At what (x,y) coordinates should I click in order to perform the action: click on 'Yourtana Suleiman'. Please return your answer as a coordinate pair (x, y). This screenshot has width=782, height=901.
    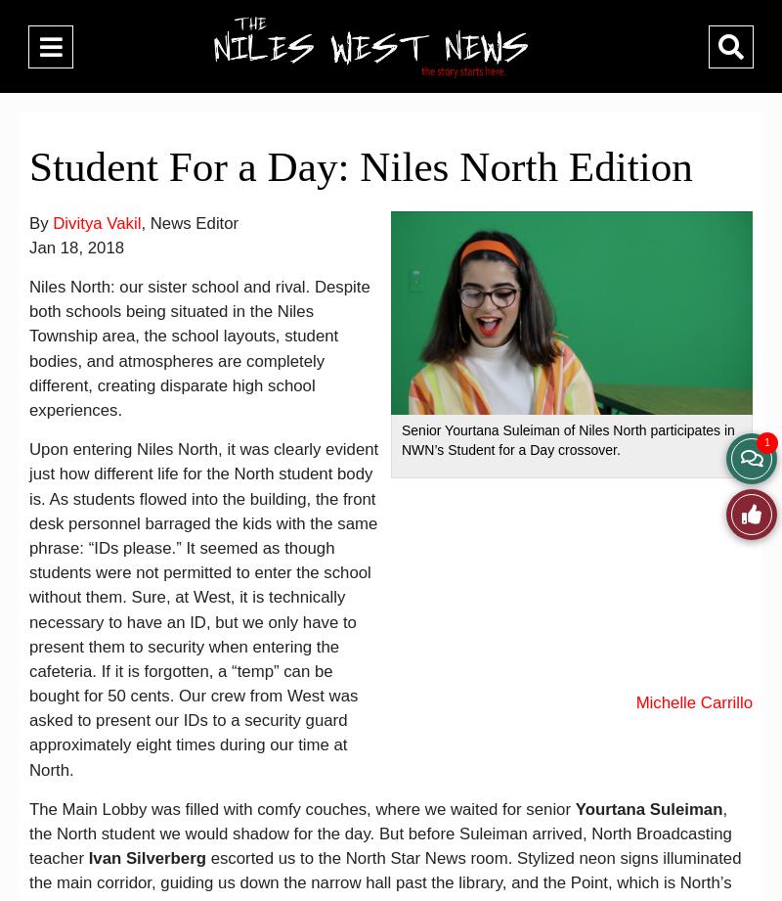
    Looking at the image, I should click on (574, 807).